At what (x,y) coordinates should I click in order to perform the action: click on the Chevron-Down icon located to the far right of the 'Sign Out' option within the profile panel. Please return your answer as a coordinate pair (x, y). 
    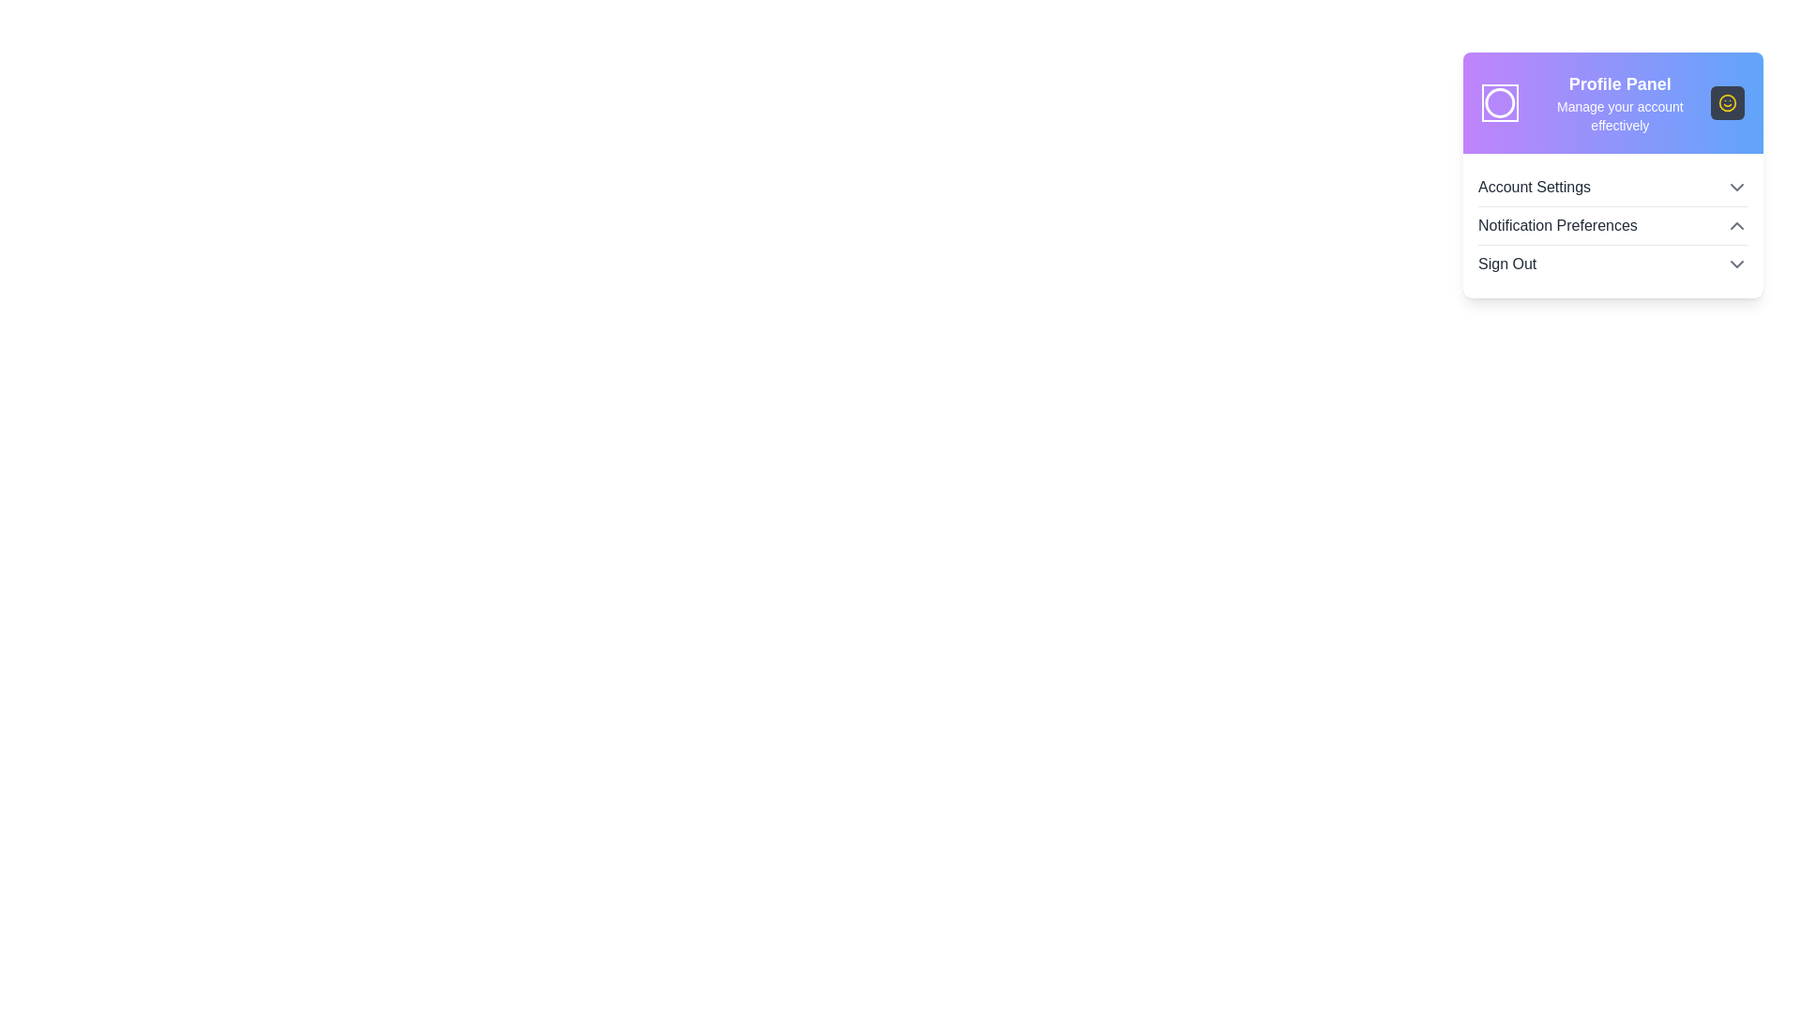
    Looking at the image, I should click on (1736, 264).